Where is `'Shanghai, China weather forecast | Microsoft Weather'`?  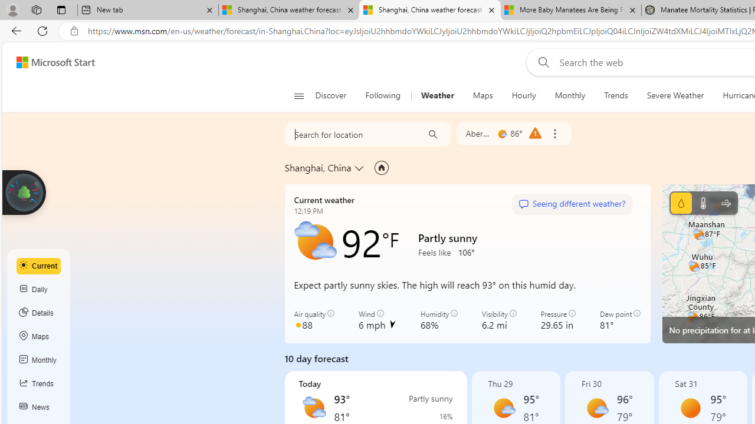
'Shanghai, China weather forecast | Microsoft Weather' is located at coordinates (429, 10).